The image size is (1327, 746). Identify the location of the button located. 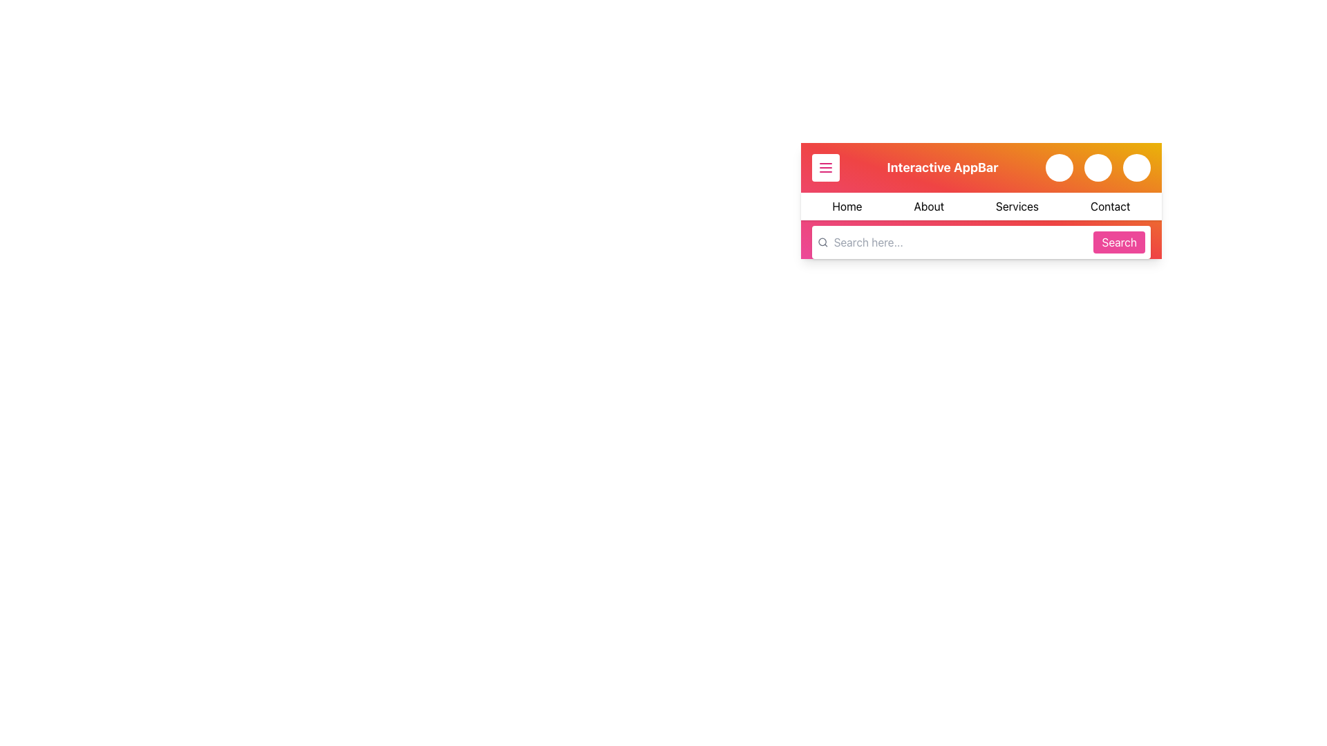
(1058, 167).